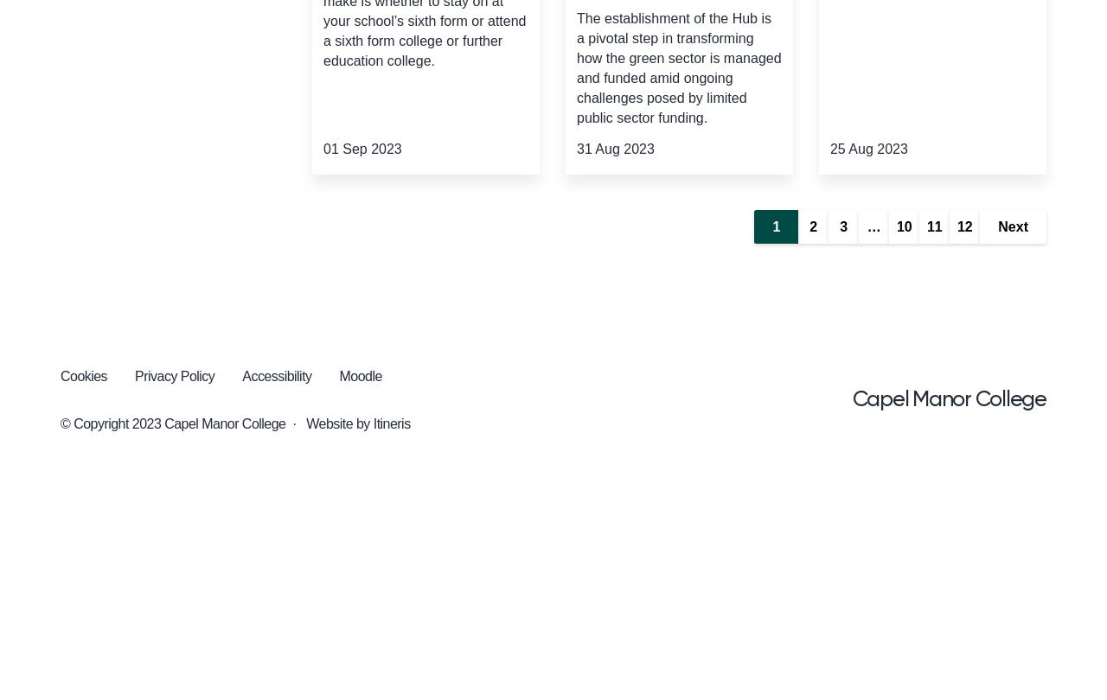 This screenshot has height=700, width=1107. Describe the element at coordinates (337, 423) in the screenshot. I see `'Website by'` at that location.